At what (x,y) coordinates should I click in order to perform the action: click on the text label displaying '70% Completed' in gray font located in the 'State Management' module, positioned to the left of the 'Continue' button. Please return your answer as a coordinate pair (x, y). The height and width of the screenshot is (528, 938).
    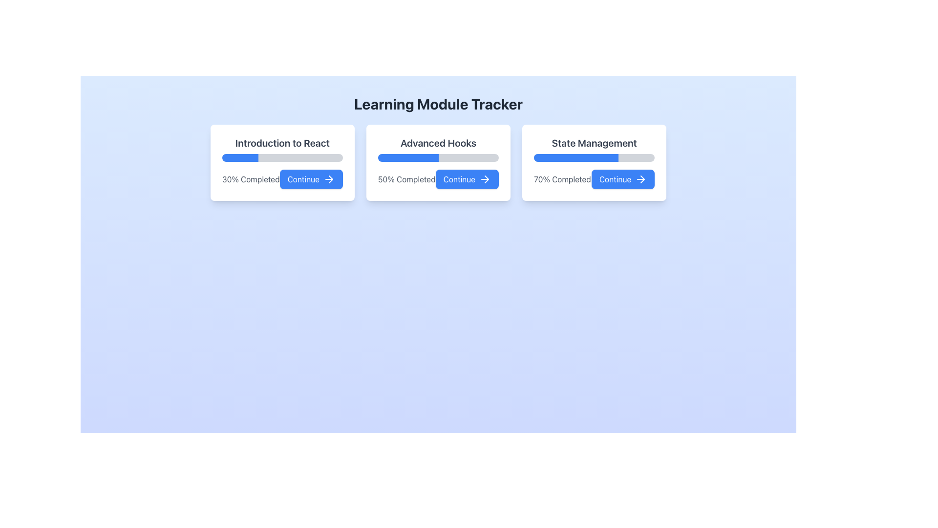
    Looking at the image, I should click on (562, 179).